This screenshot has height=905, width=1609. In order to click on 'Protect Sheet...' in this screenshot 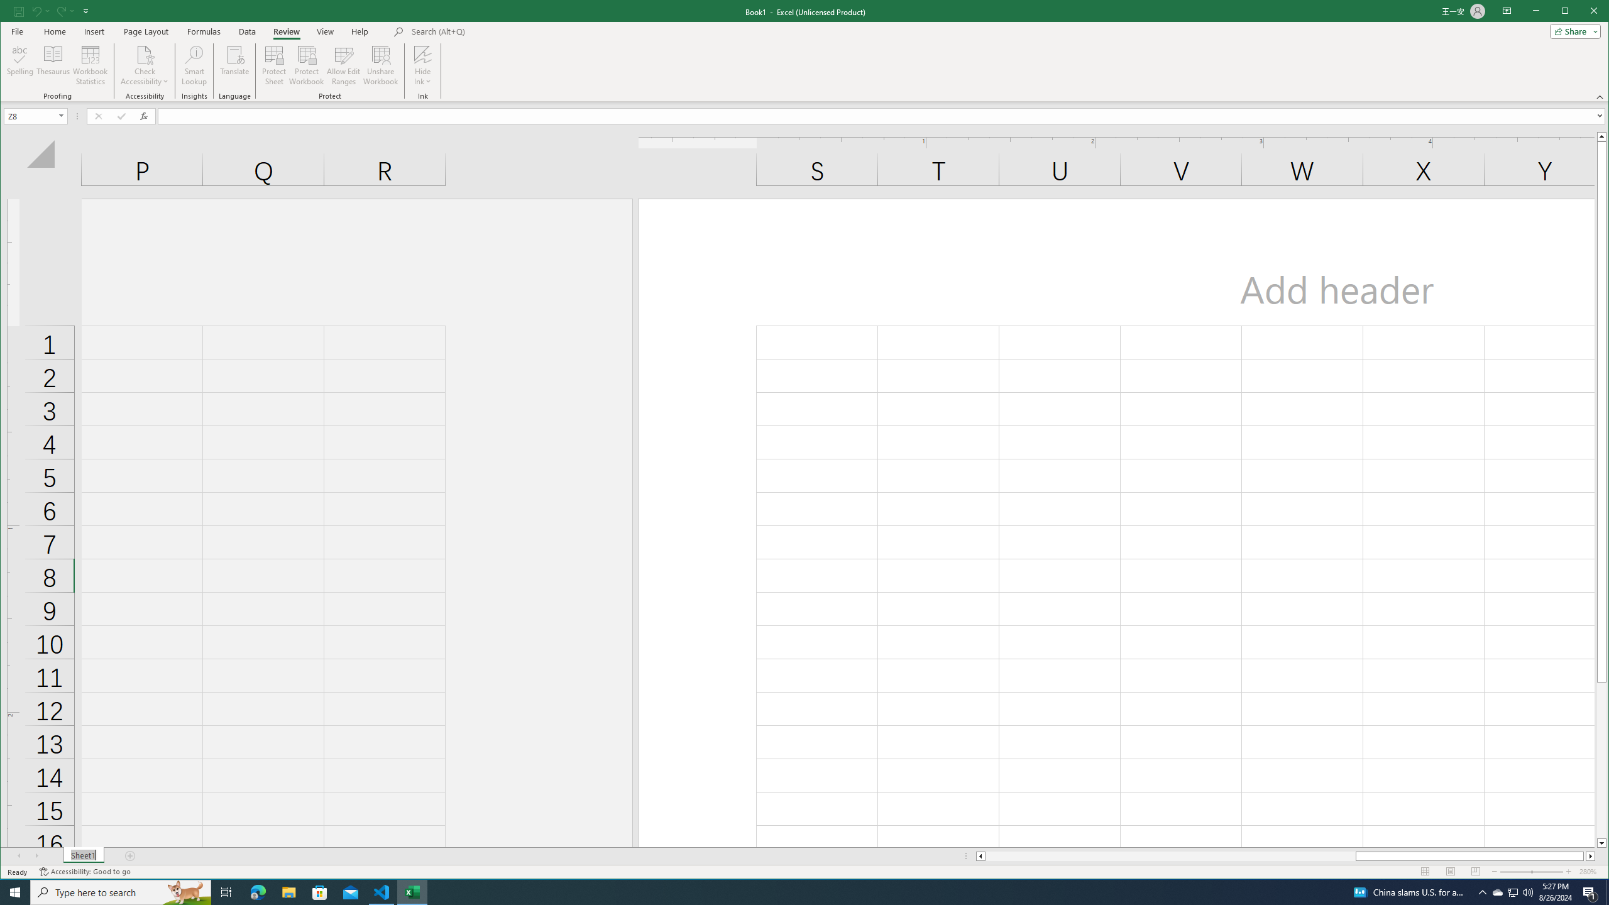, I will do `click(274, 65)`.